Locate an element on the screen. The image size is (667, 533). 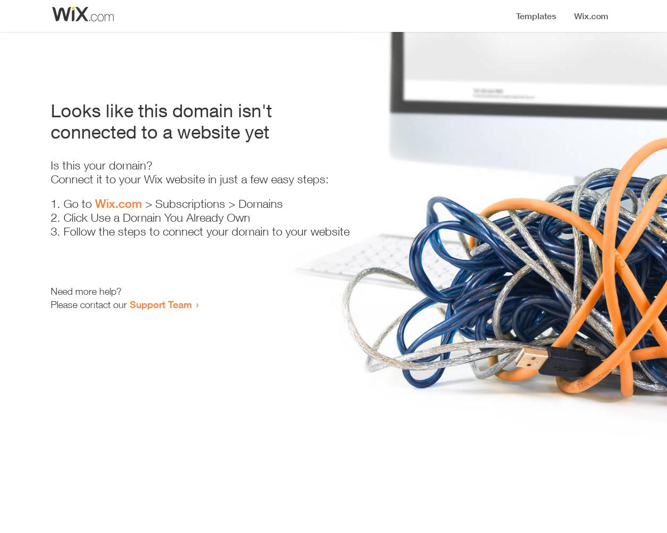
'Support Team' is located at coordinates (161, 304).